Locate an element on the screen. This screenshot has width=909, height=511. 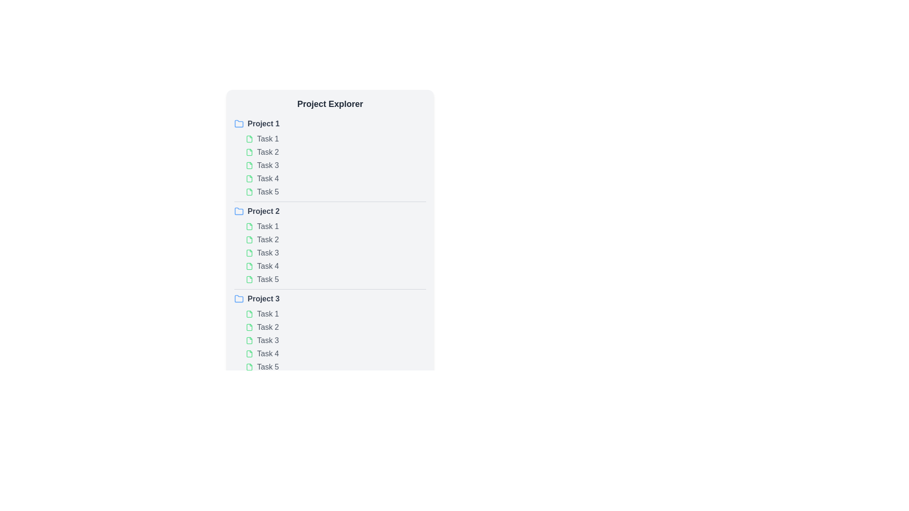
the text label 'Project 3' is located at coordinates (263, 299).